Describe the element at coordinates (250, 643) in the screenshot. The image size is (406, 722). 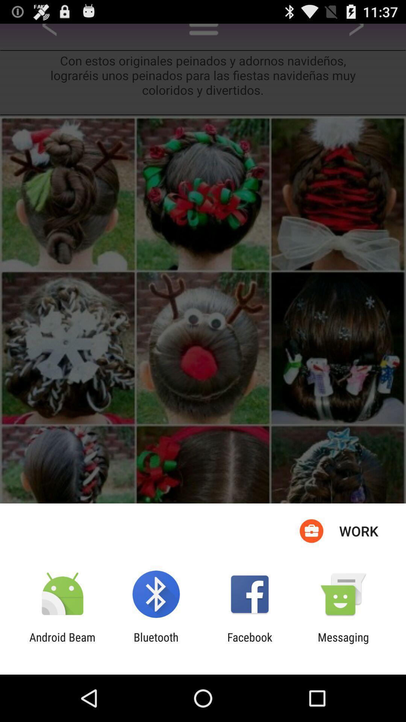
I see `item next to the bluetooth item` at that location.